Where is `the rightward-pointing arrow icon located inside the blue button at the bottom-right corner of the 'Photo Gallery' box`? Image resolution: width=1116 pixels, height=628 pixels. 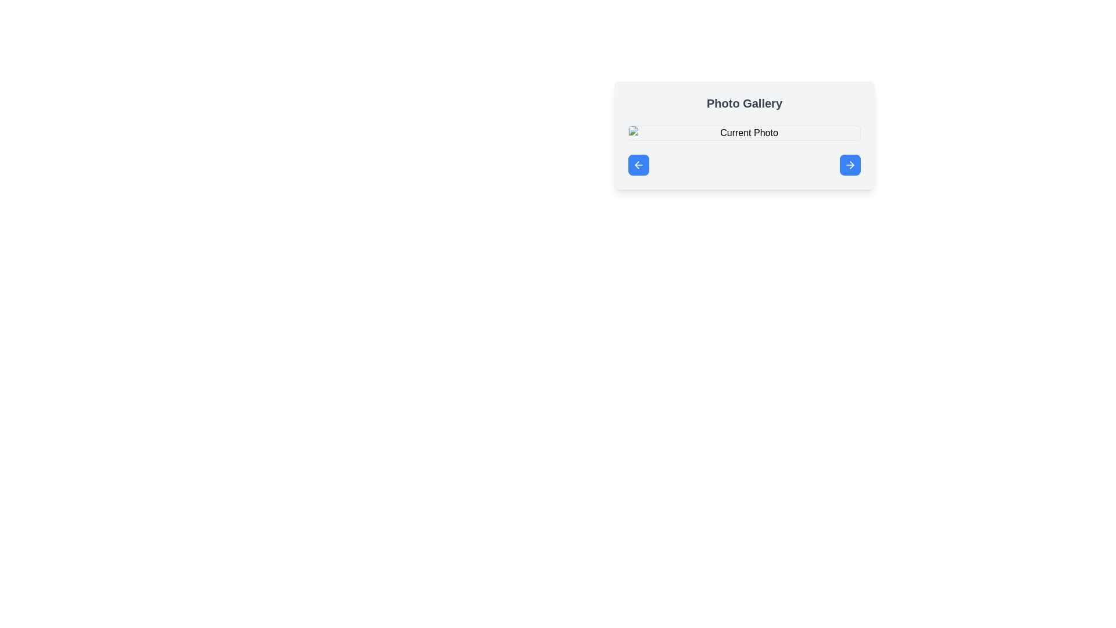
the rightward-pointing arrow icon located inside the blue button at the bottom-right corner of the 'Photo Gallery' box is located at coordinates (852, 165).